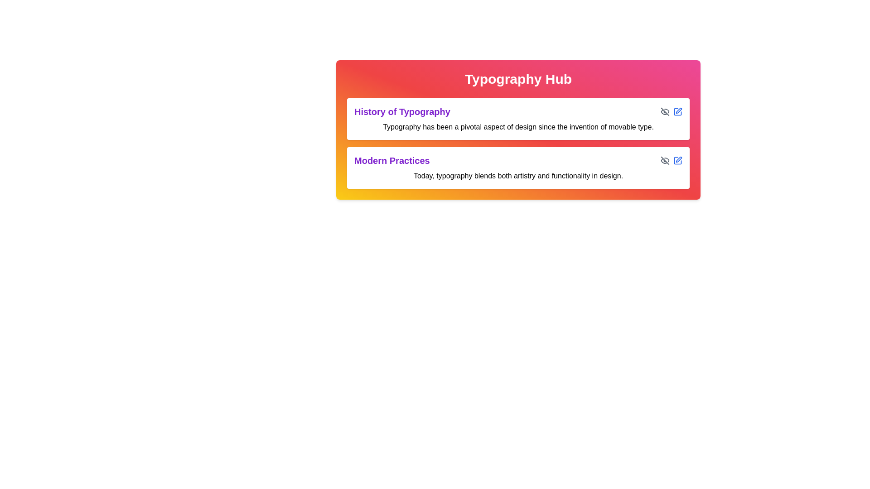  What do you see at coordinates (678, 160) in the screenshot?
I see `the pen icon representing an edit tool located at the bottom-right corner of the 'Typography Hub' section to initiate editing` at bounding box center [678, 160].